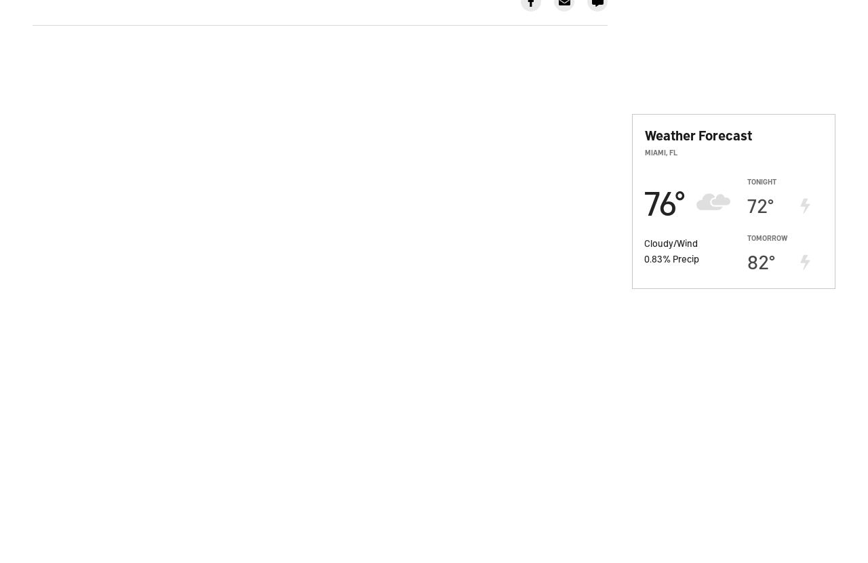 This screenshot has width=868, height=563. I want to click on 'Precip', so click(686, 256).